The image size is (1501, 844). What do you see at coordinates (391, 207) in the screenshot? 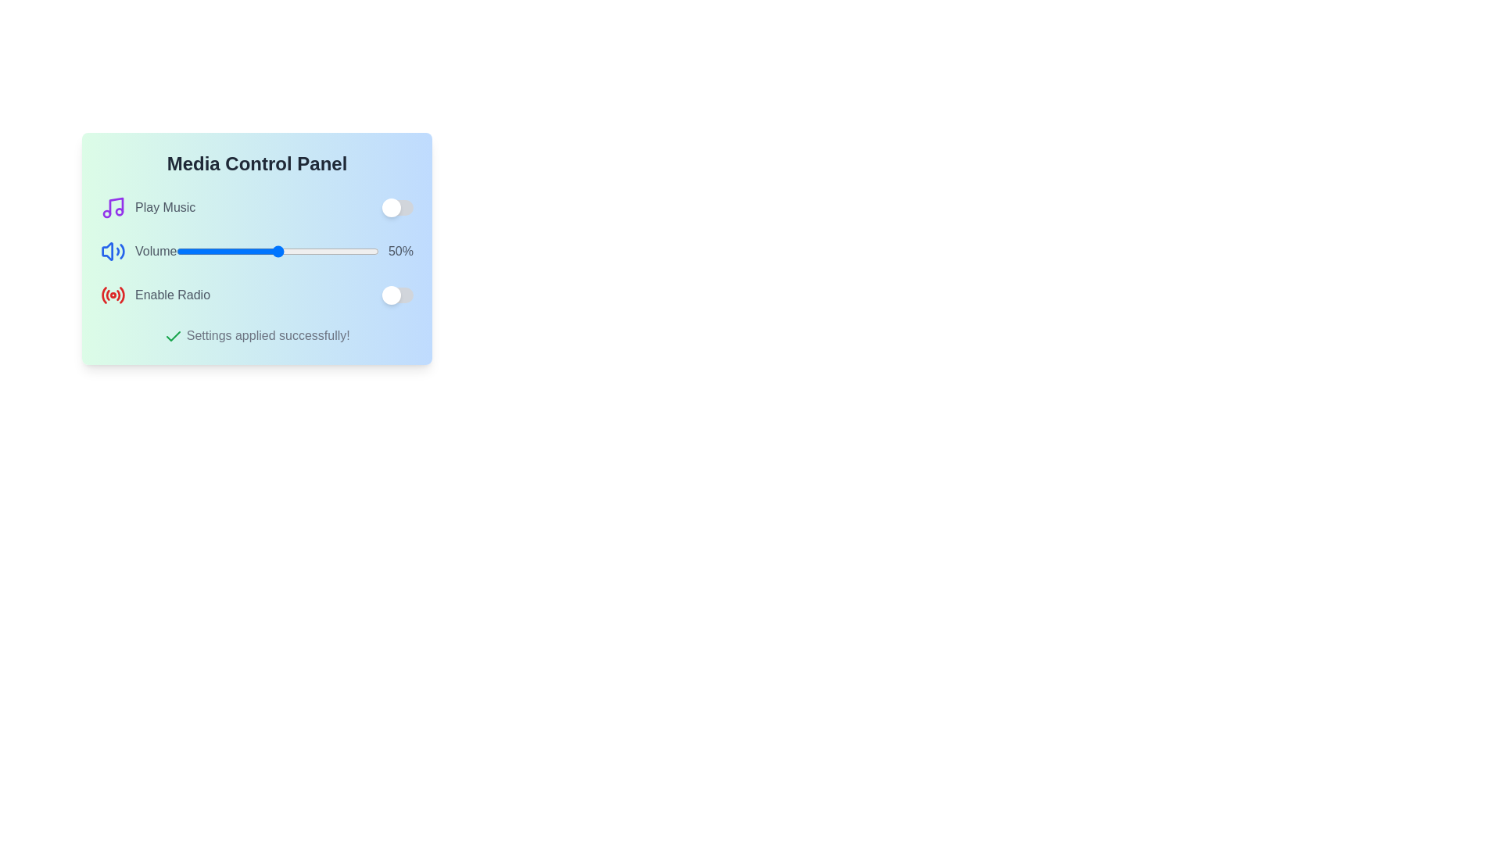
I see `the white circular toggle handle, which is part of a toggle switch component next to the 'Enable Radio' label` at bounding box center [391, 207].